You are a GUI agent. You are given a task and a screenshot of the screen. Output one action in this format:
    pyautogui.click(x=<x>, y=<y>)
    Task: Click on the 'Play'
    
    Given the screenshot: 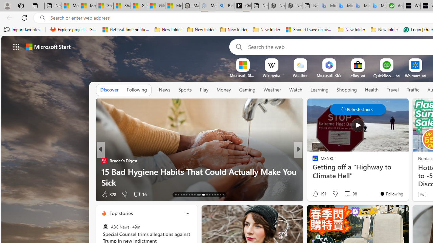 What is the action you would take?
    pyautogui.click(x=203, y=89)
    